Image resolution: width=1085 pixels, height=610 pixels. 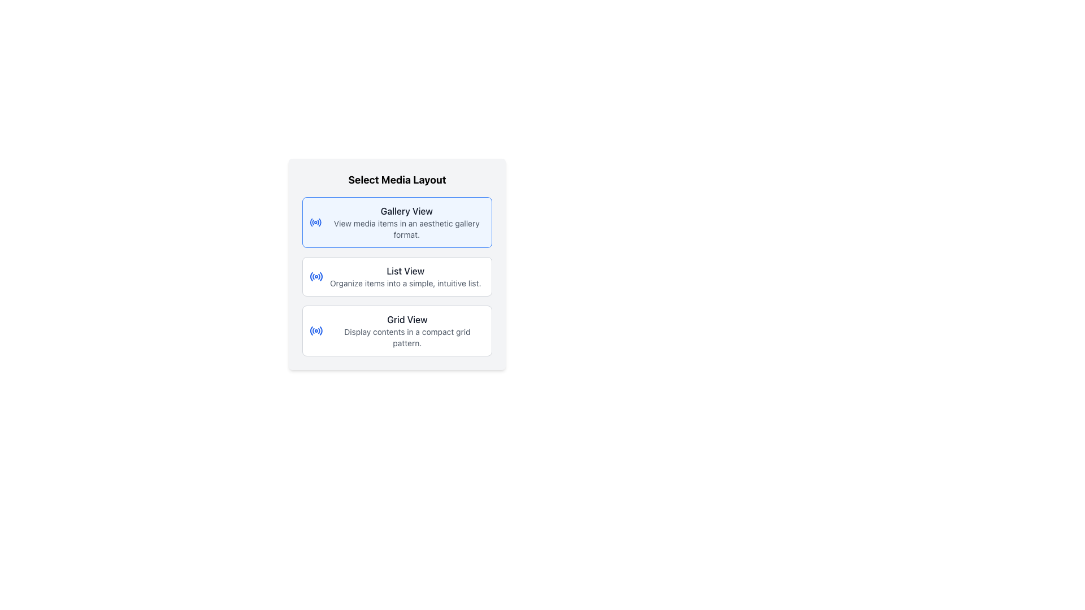 I want to click on descriptive guideline text for the 'List View' option, located centrally beneath the 'List View' subheading, so click(x=405, y=282).